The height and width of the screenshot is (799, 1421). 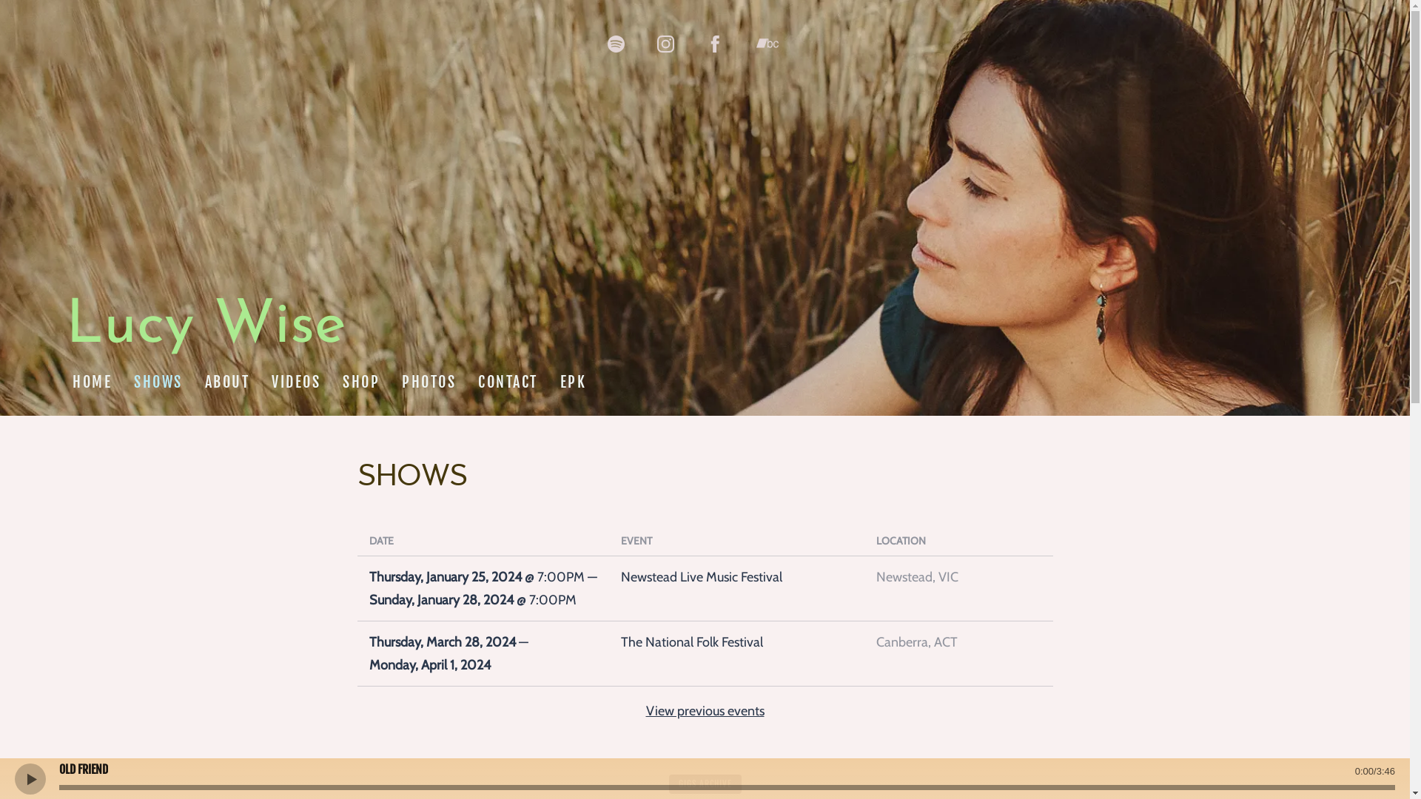 I want to click on 'https://instagram.com/lucywisemusic', so click(x=665, y=43).